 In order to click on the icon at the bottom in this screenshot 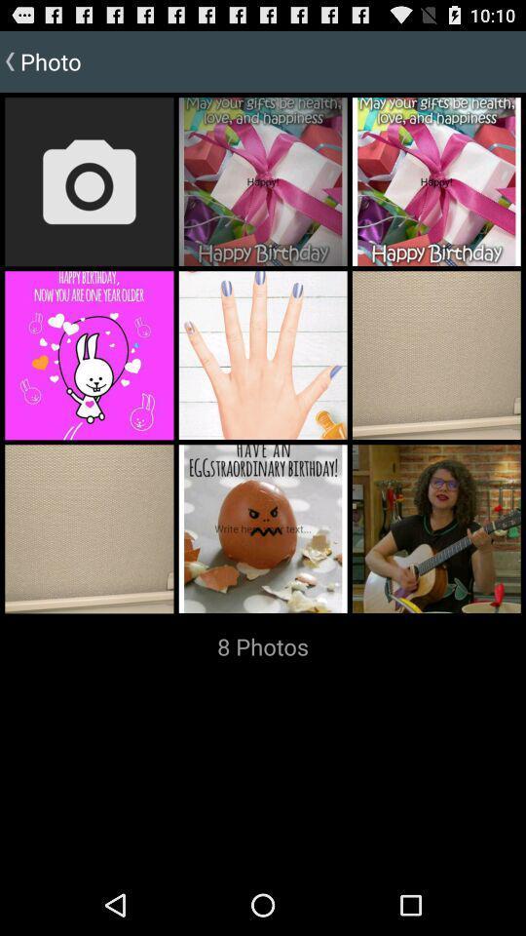, I will do `click(263, 646)`.